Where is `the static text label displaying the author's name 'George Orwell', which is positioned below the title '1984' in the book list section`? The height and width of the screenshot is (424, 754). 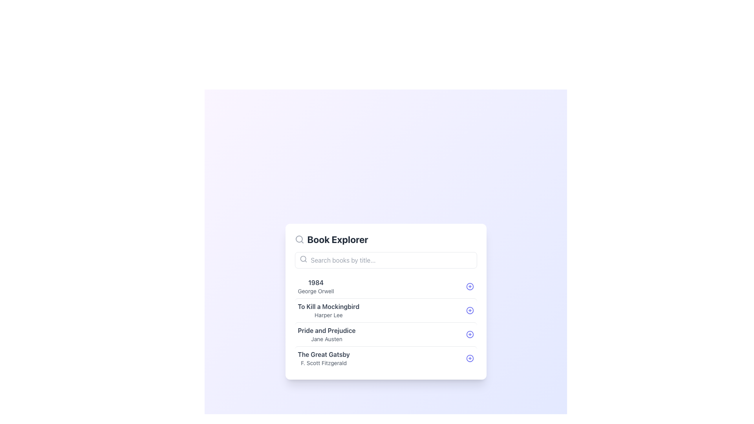 the static text label displaying the author's name 'George Orwell', which is positioned below the title '1984' in the book list section is located at coordinates (316, 291).